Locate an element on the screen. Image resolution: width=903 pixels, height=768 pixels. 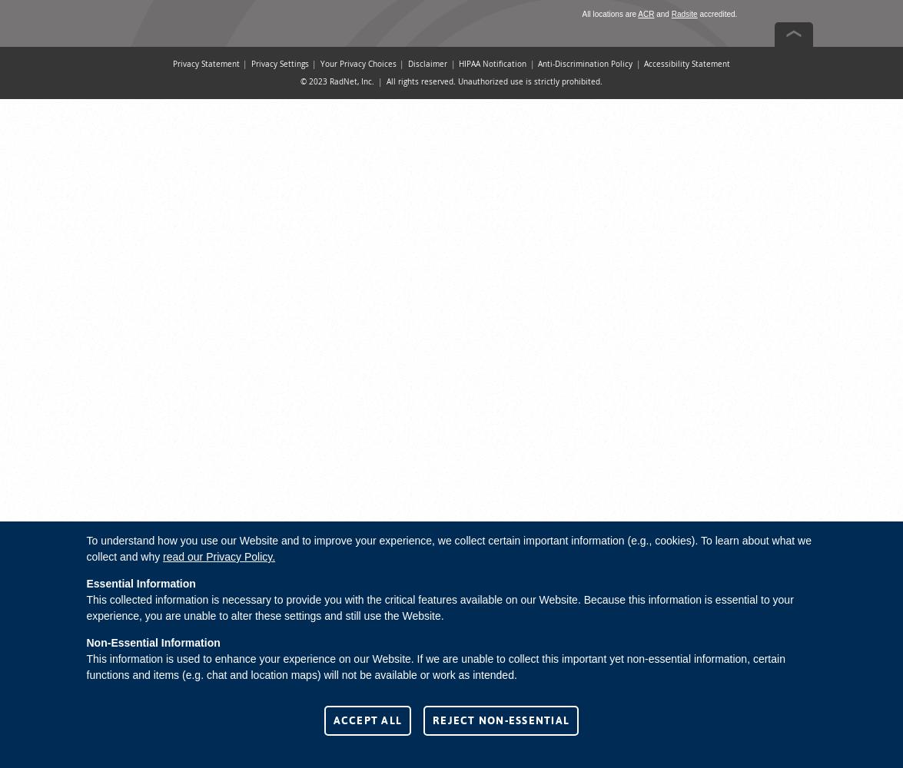
'Essential Information' is located at coordinates (140, 584).